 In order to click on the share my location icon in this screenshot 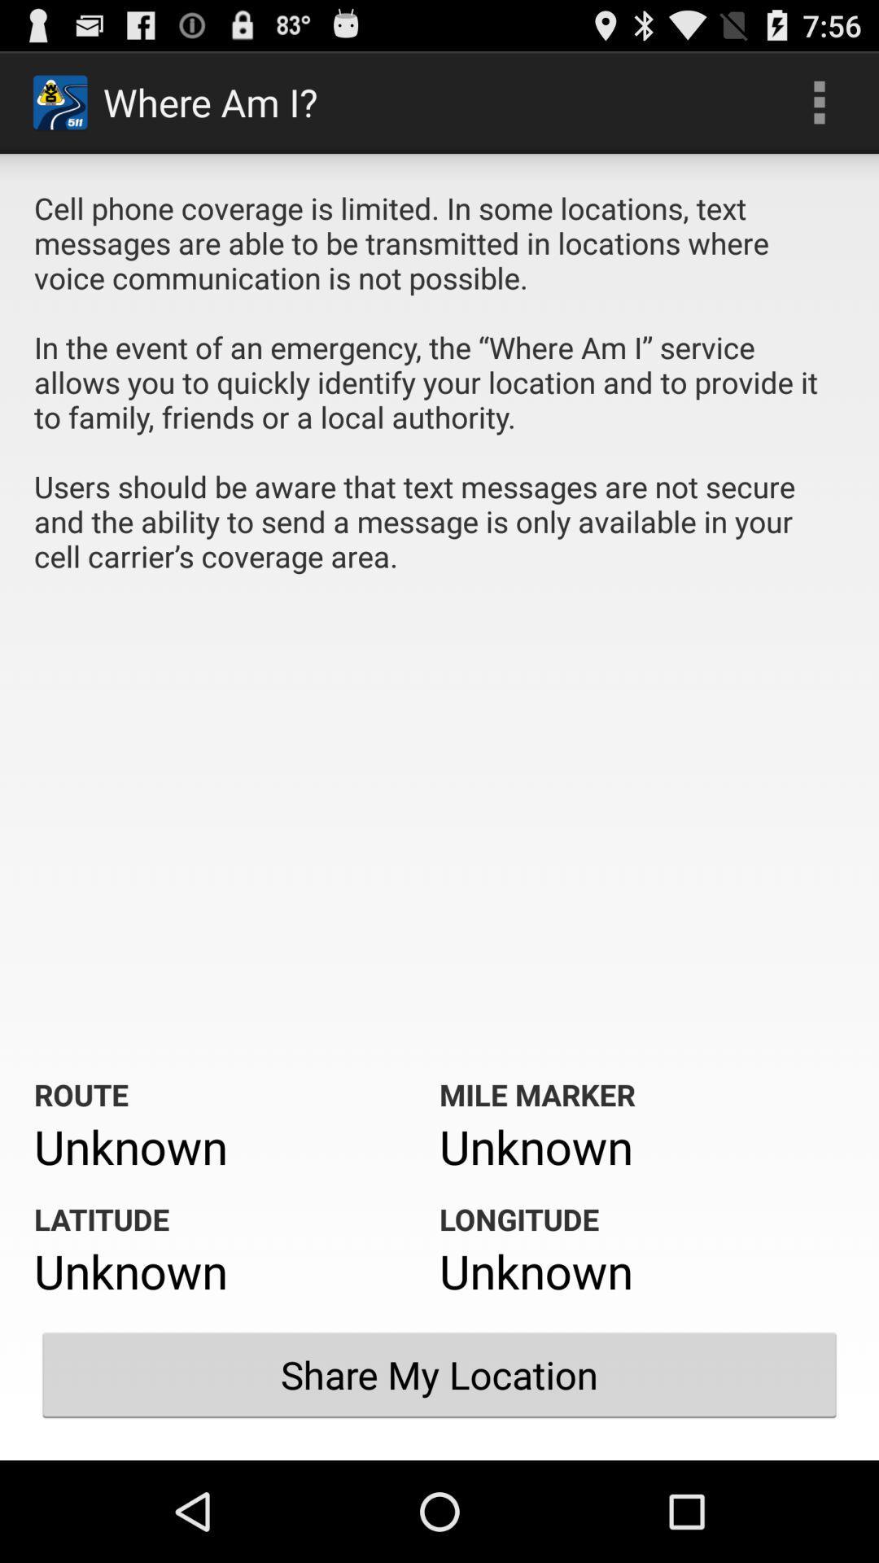, I will do `click(439, 1374)`.